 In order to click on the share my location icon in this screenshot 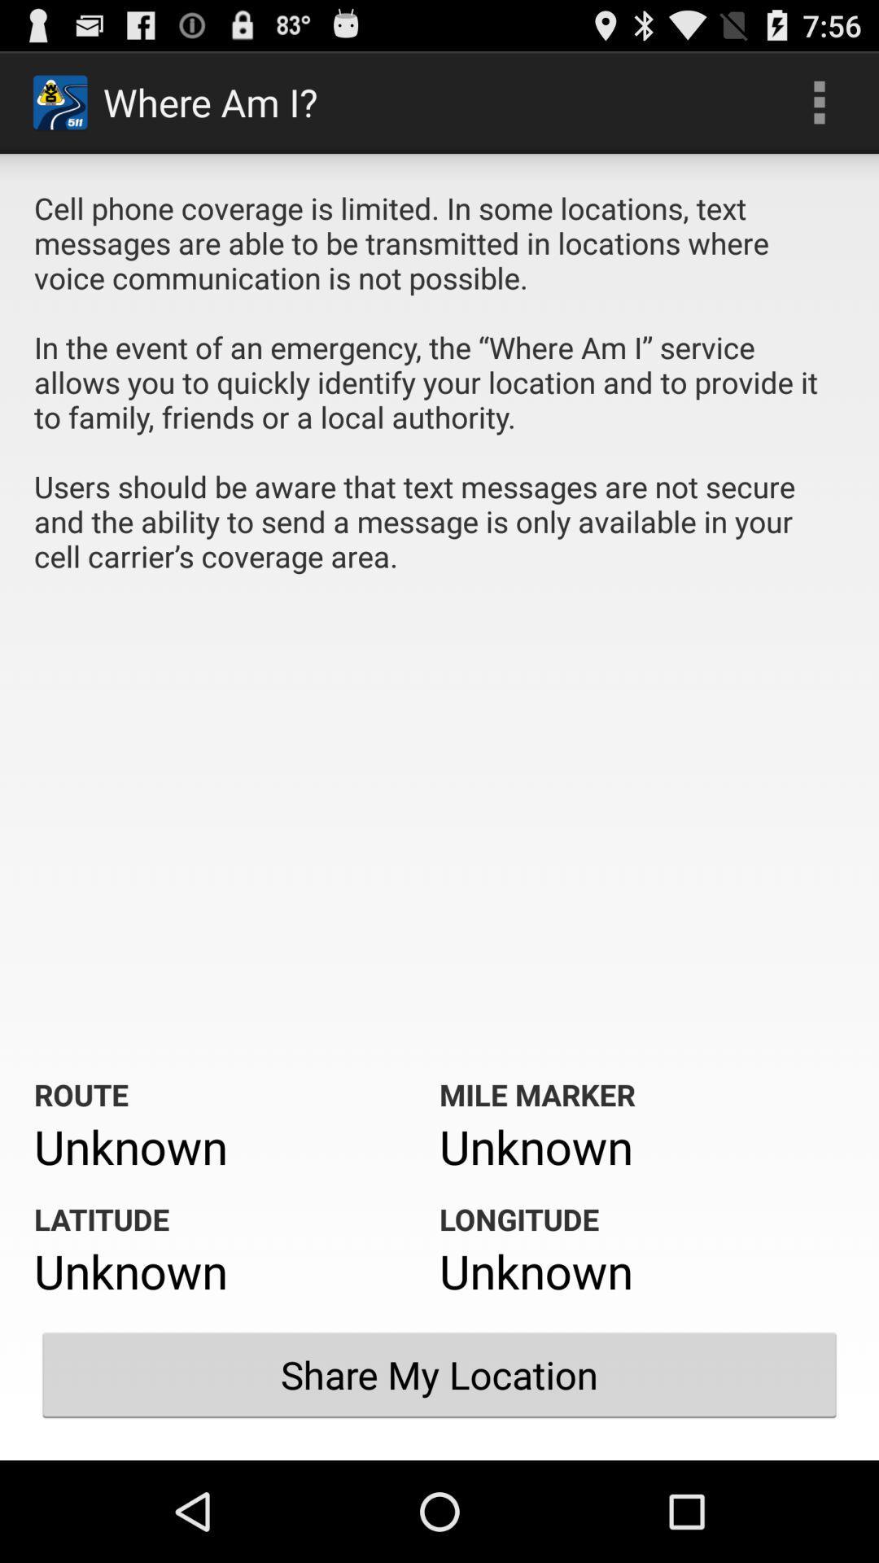, I will do `click(439, 1374)`.